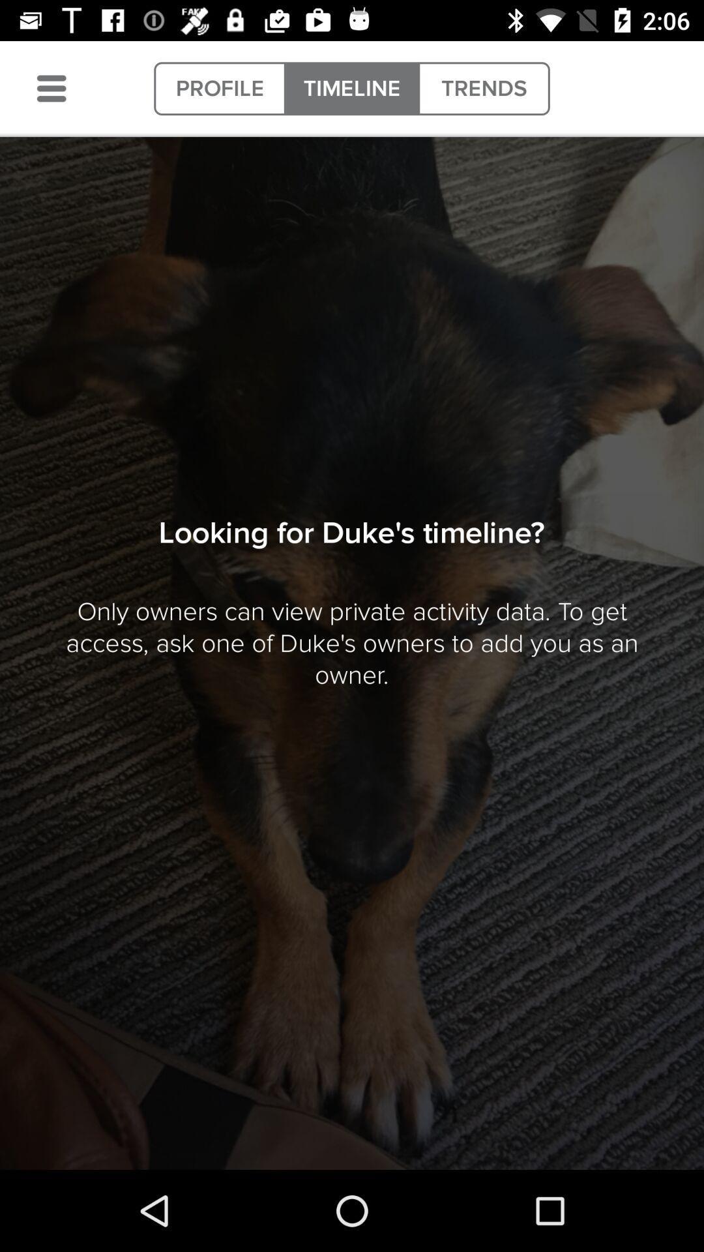  What do you see at coordinates (484, 88) in the screenshot?
I see `item at the top right corner` at bounding box center [484, 88].